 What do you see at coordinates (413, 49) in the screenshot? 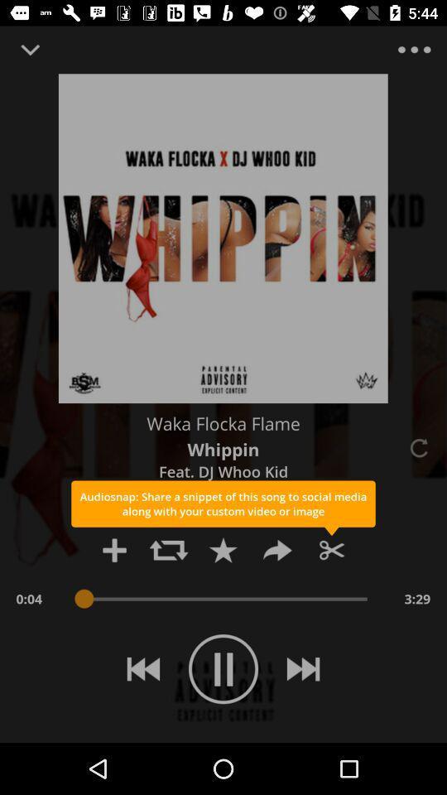
I see `the more icon` at bounding box center [413, 49].